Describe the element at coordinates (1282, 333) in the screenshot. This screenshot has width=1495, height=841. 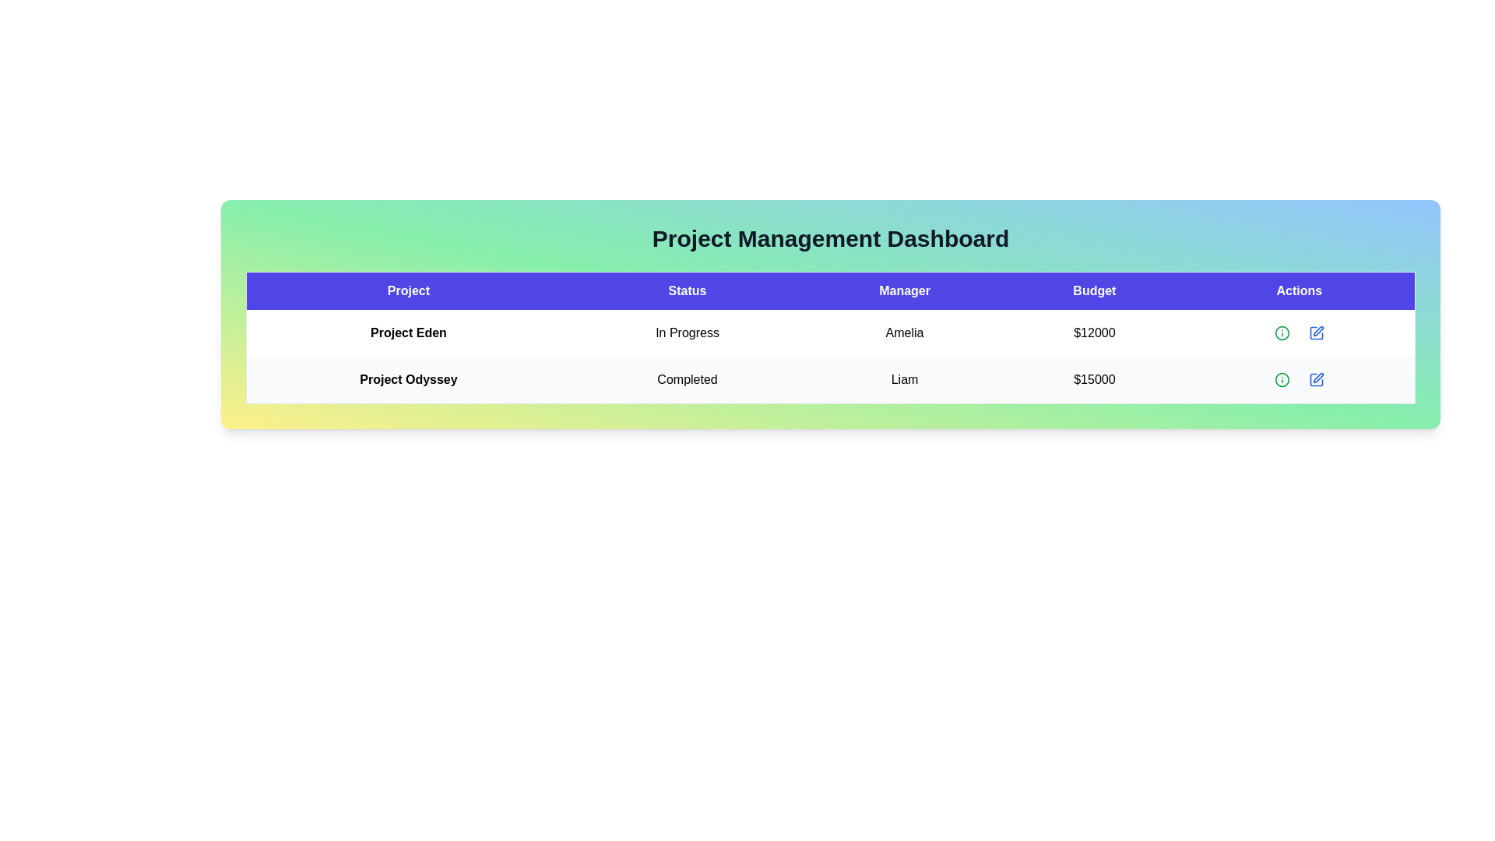
I see `the informational icon button located in the 'Actions' column of the table row for 'Project Eden'` at that location.